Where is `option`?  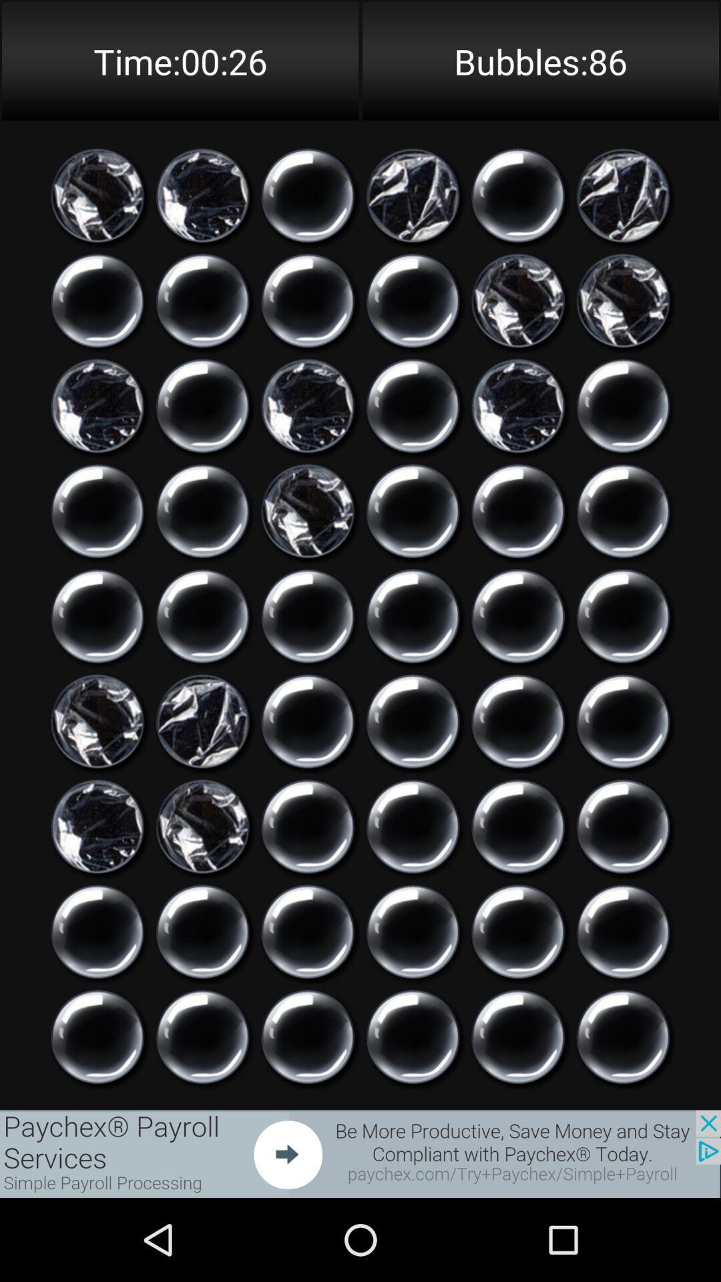
option is located at coordinates (97, 1036).